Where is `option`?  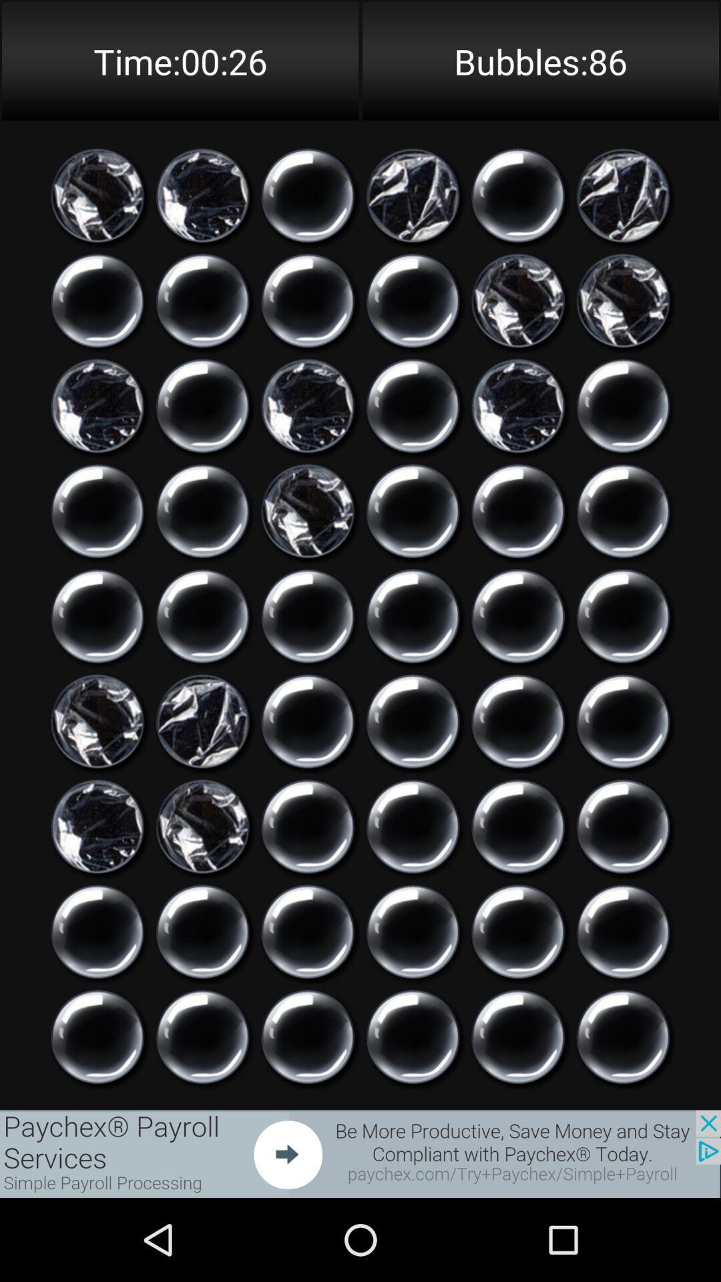
option is located at coordinates (97, 1036).